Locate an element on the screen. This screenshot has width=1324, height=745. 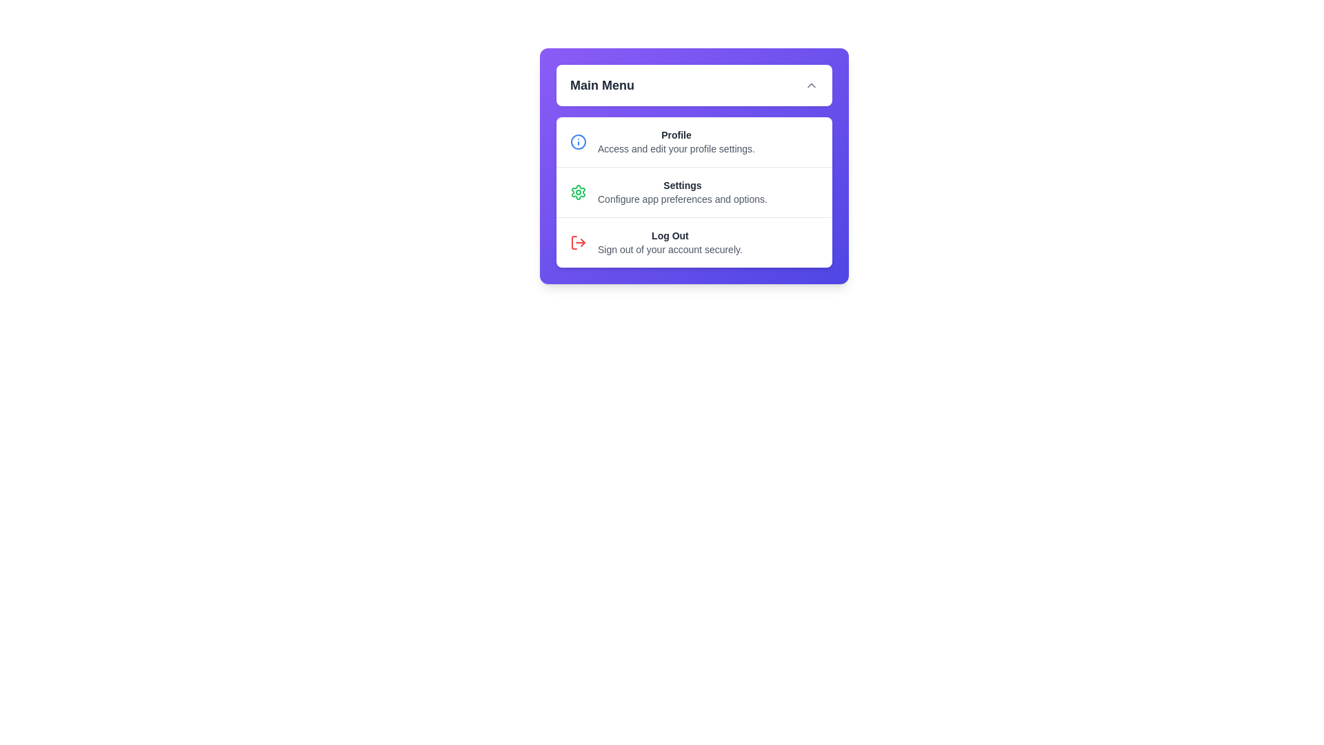
the description text of the menu item Profile is located at coordinates (676, 149).